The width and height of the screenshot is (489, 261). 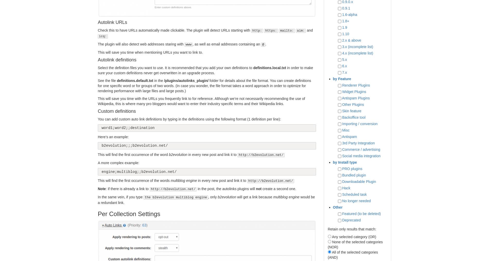 What do you see at coordinates (206, 199) in the screenshot?
I see `'would be a redundant link.'` at bounding box center [206, 199].